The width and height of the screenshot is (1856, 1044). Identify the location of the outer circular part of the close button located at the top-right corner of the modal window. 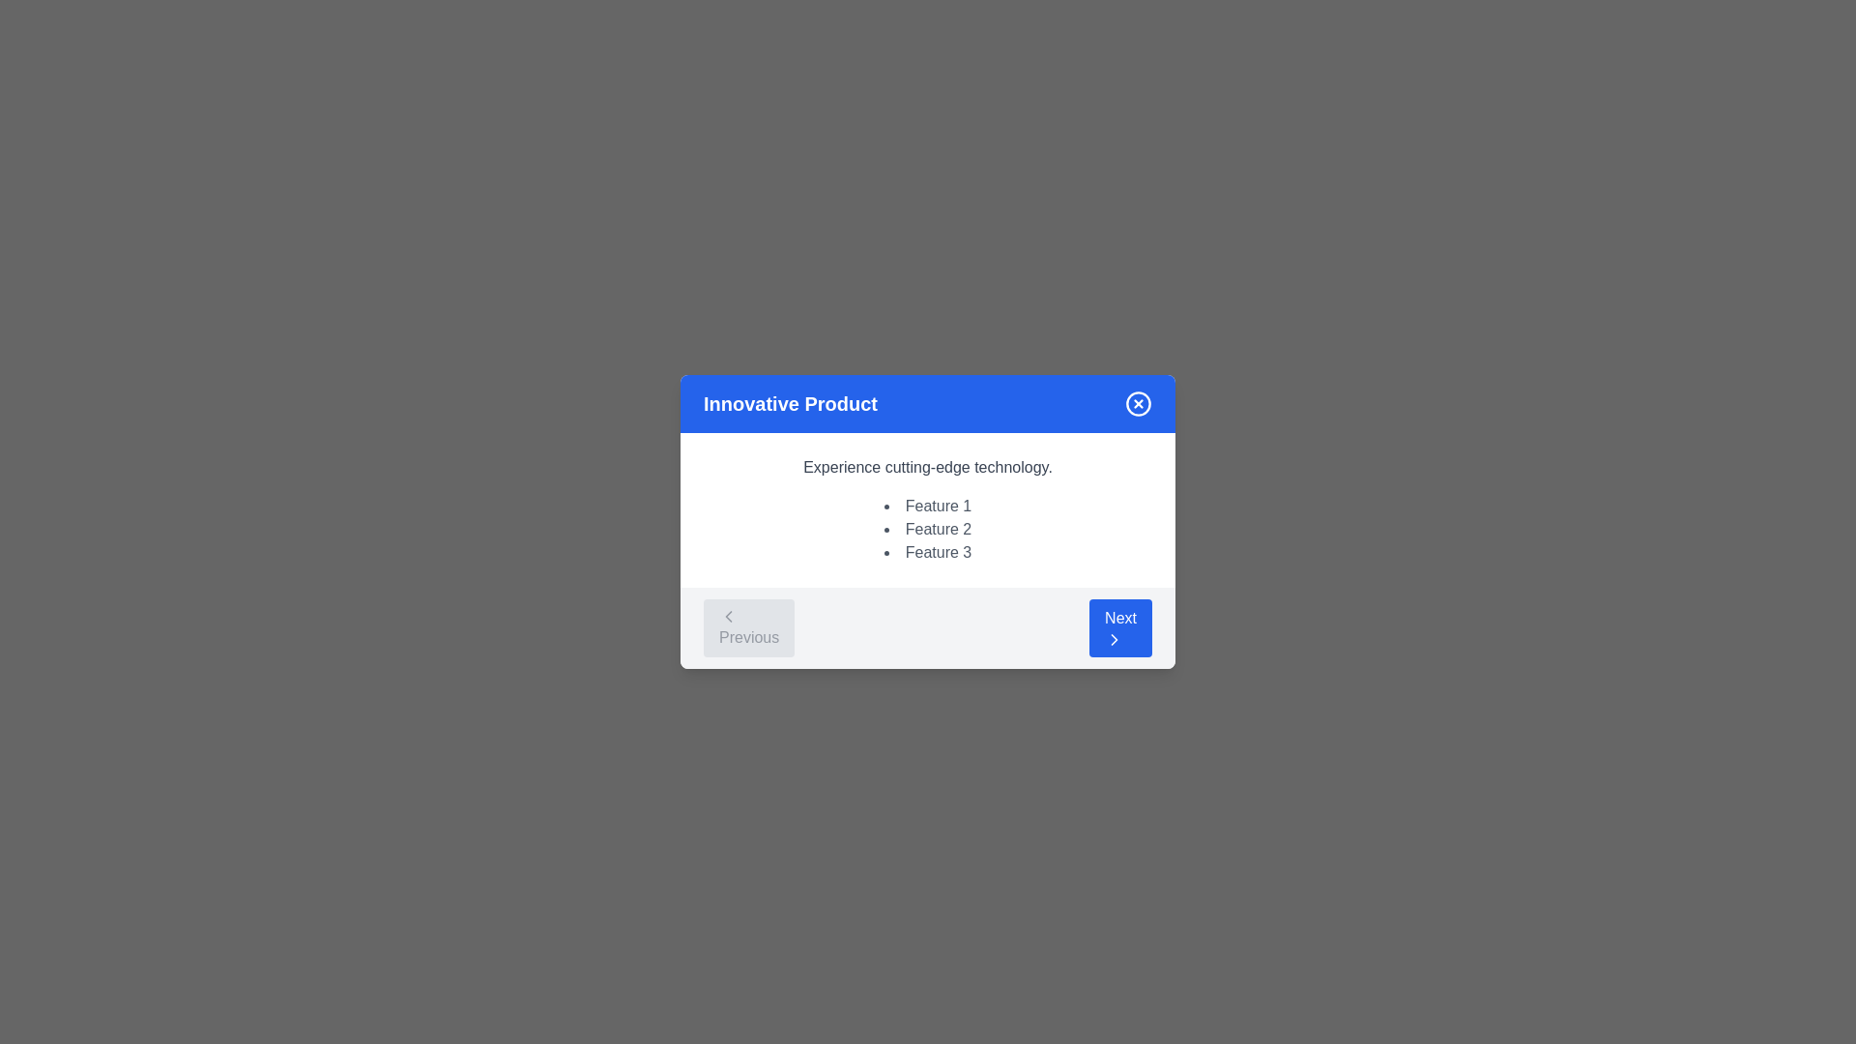
(1138, 402).